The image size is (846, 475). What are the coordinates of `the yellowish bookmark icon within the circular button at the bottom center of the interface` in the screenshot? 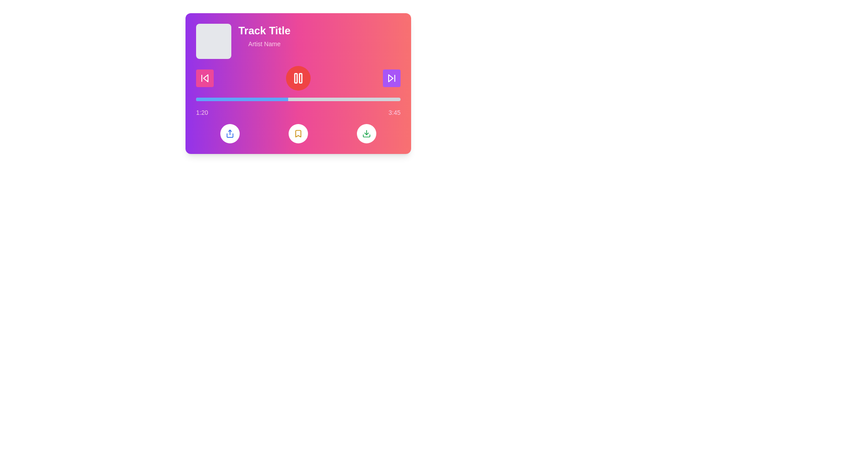 It's located at (298, 134).